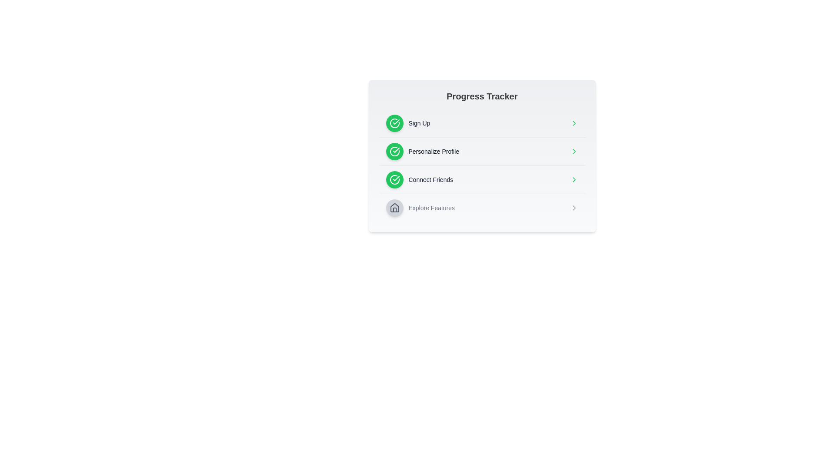 Image resolution: width=834 pixels, height=469 pixels. What do you see at coordinates (574, 123) in the screenshot?
I see `the chevron-shaped icon with a green stroke located at the end of the fourth row in the progress tracker interface, next to the 'Explore Features' label` at bounding box center [574, 123].